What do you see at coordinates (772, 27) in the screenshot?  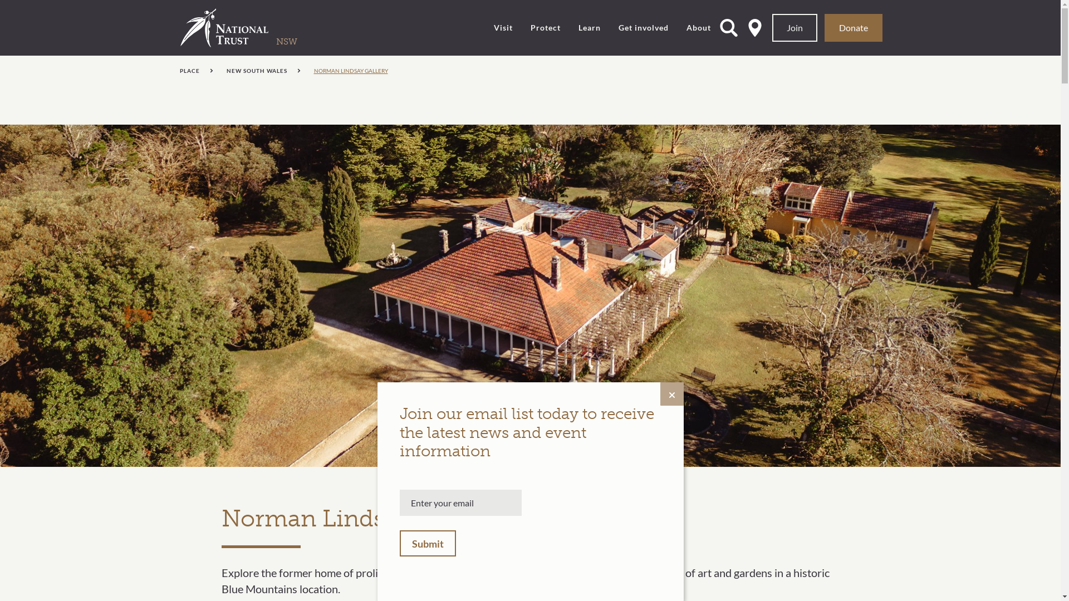 I see `'Join'` at bounding box center [772, 27].